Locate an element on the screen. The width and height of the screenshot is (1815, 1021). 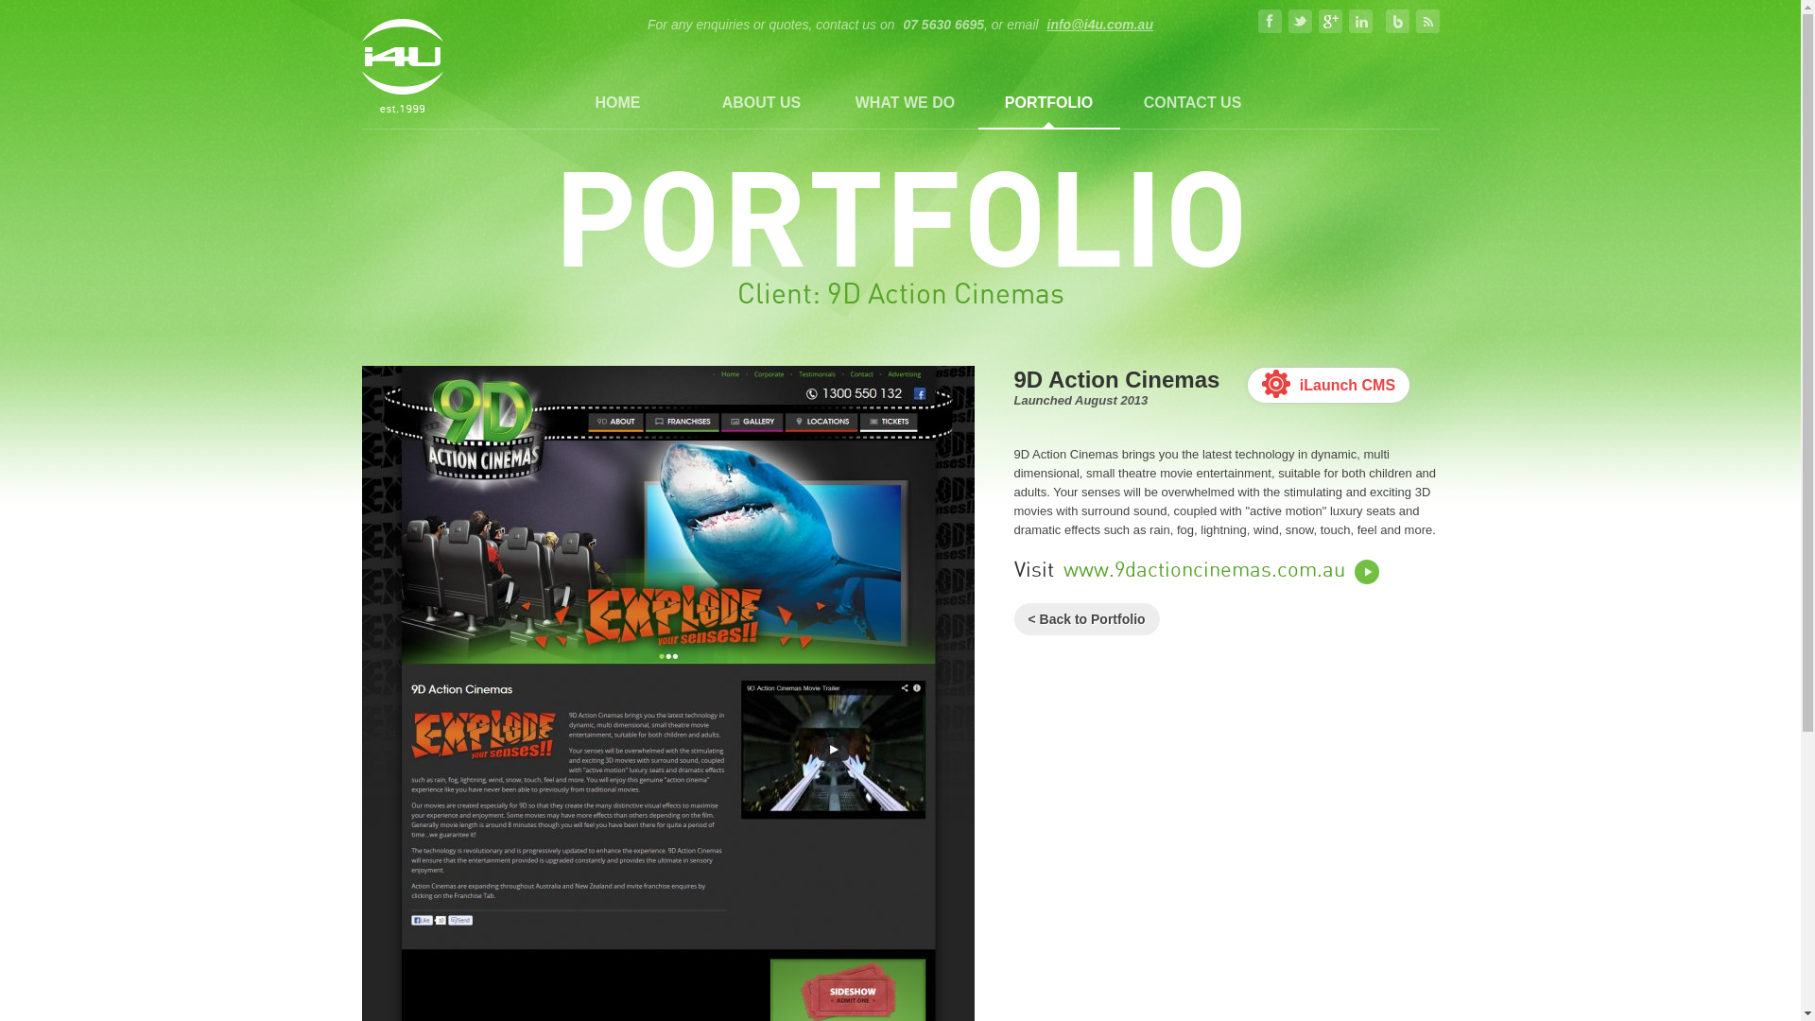
'Follow us on Twitter - @i4uonline' is located at coordinates (1288, 21).